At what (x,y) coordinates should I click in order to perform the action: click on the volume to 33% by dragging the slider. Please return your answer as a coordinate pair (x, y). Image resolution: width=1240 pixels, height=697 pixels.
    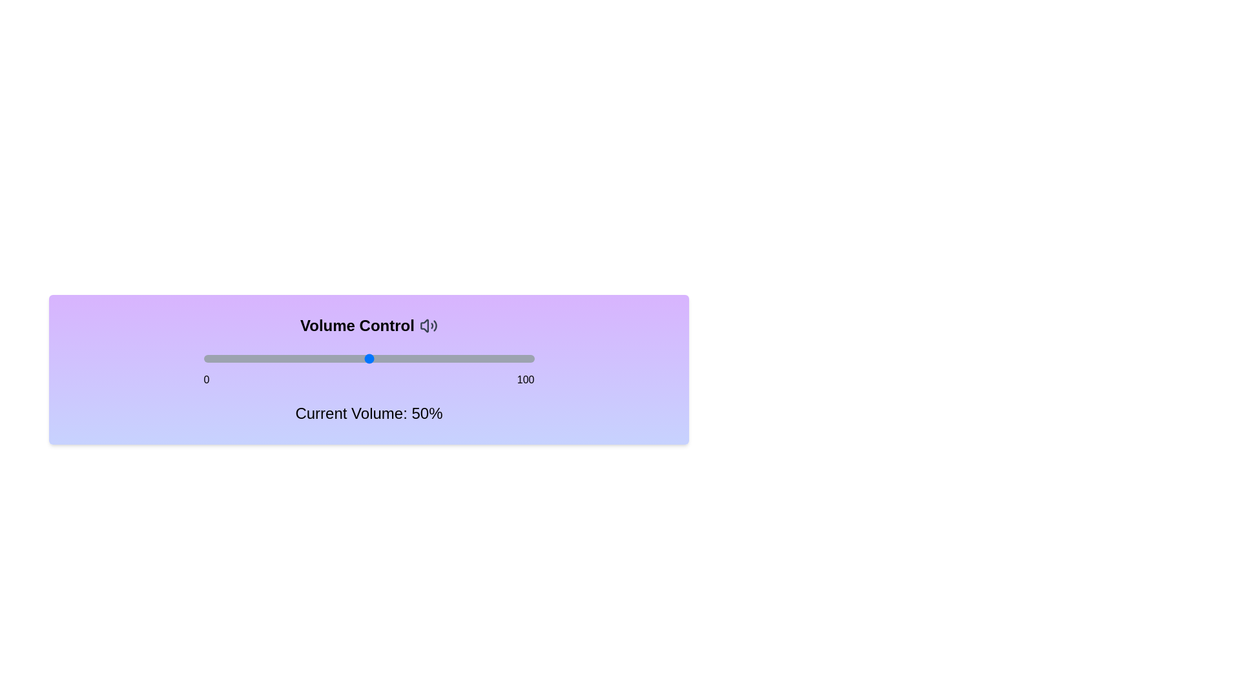
    Looking at the image, I should click on (313, 358).